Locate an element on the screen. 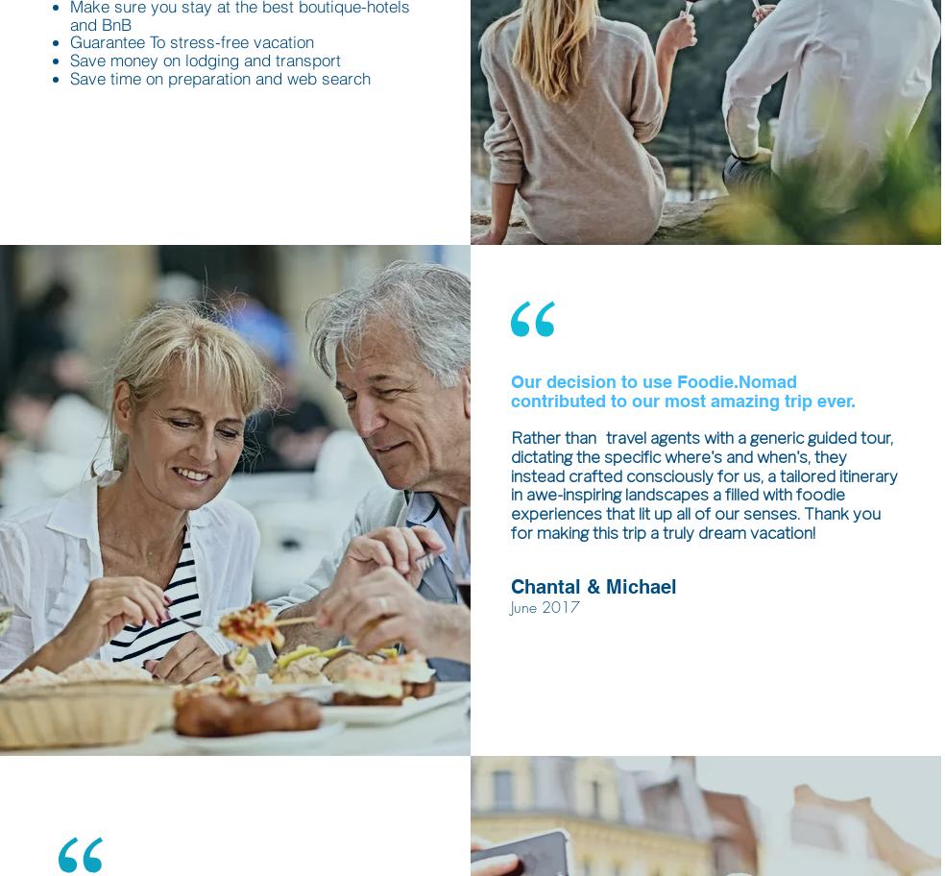  'Rather than' is located at coordinates (552, 438).